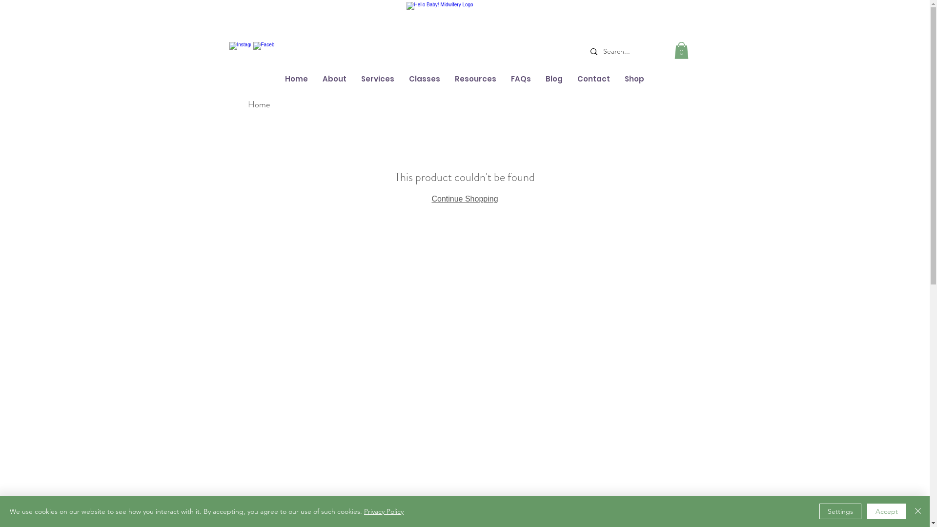 This screenshot has height=527, width=937. What do you see at coordinates (593, 78) in the screenshot?
I see `'Contact'` at bounding box center [593, 78].